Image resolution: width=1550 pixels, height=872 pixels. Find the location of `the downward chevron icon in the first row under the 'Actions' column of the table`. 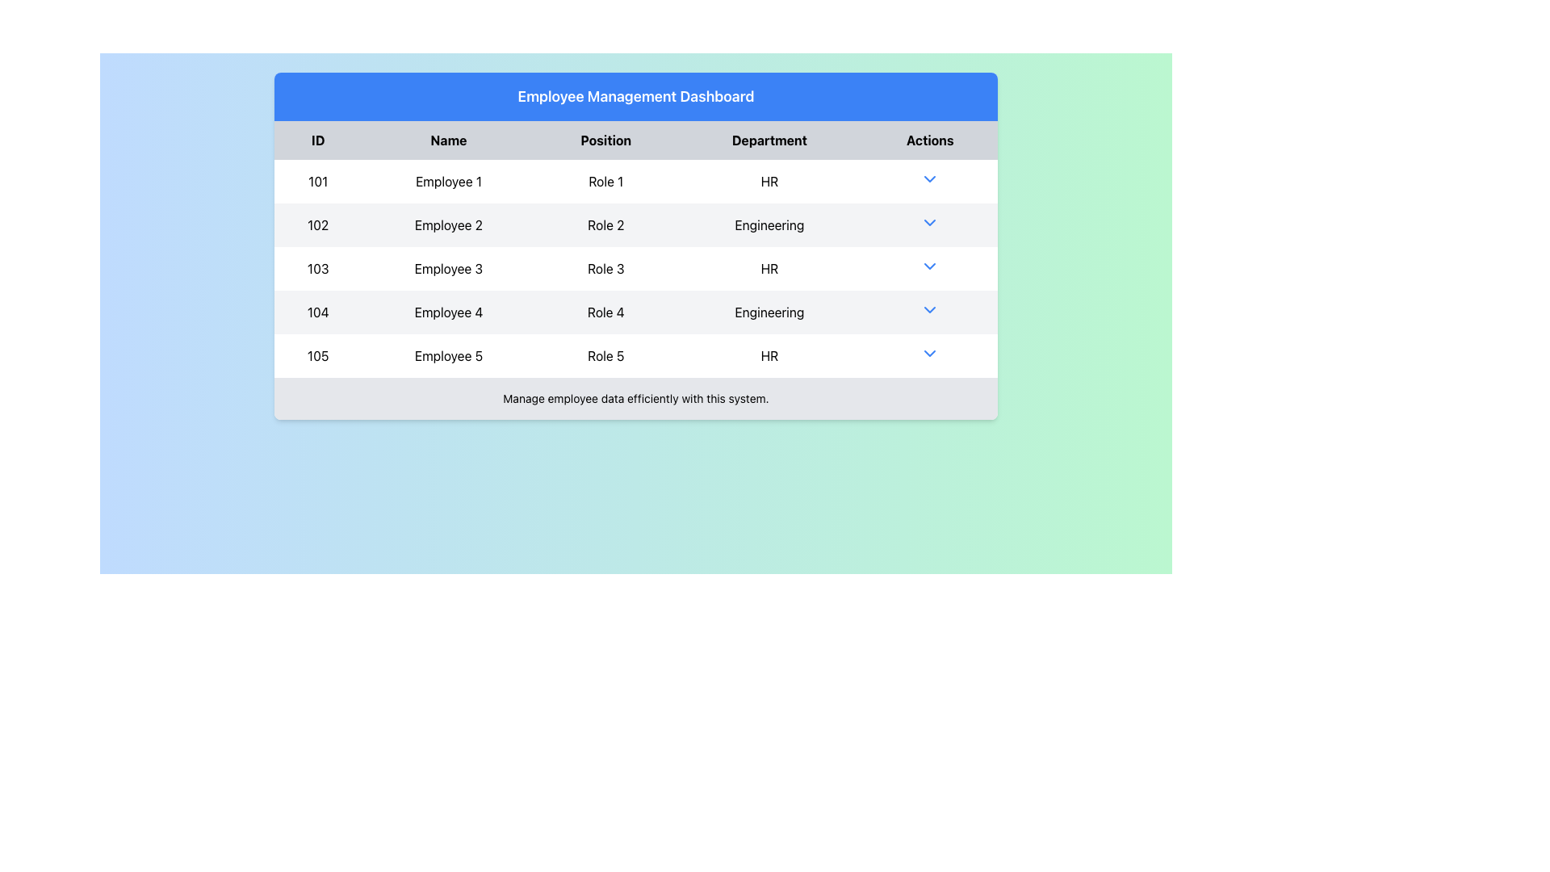

the downward chevron icon in the first row under the 'Actions' column of the table is located at coordinates (930, 179).